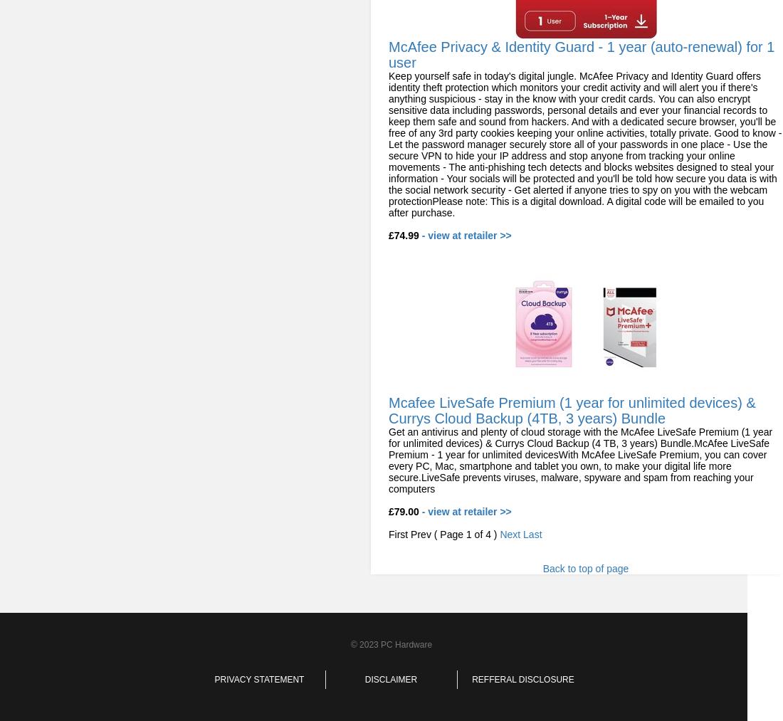  What do you see at coordinates (404, 236) in the screenshot?
I see `'£74.99'` at bounding box center [404, 236].